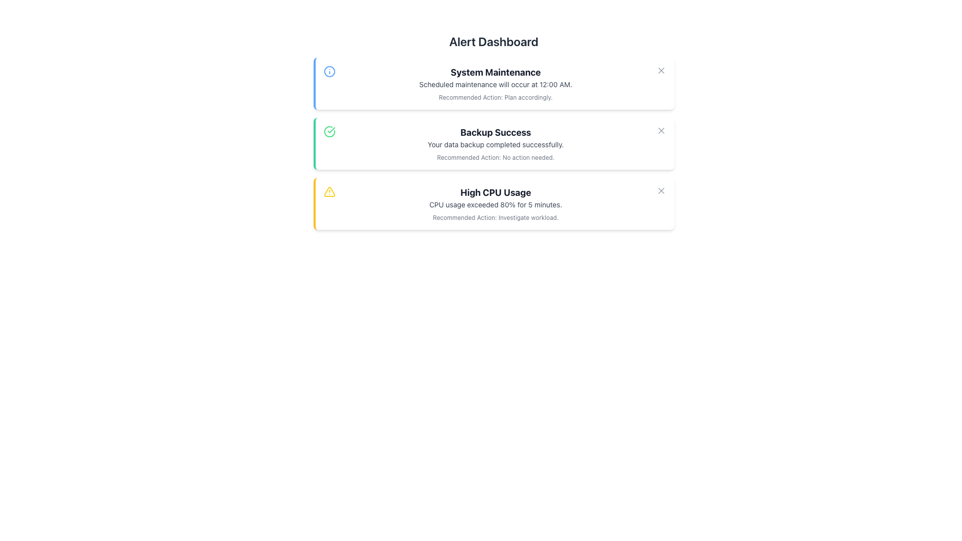  I want to click on text content of the third line of text in the 'System Maintenance' alert box, which provides recommended actions related to the alert, so click(496, 98).